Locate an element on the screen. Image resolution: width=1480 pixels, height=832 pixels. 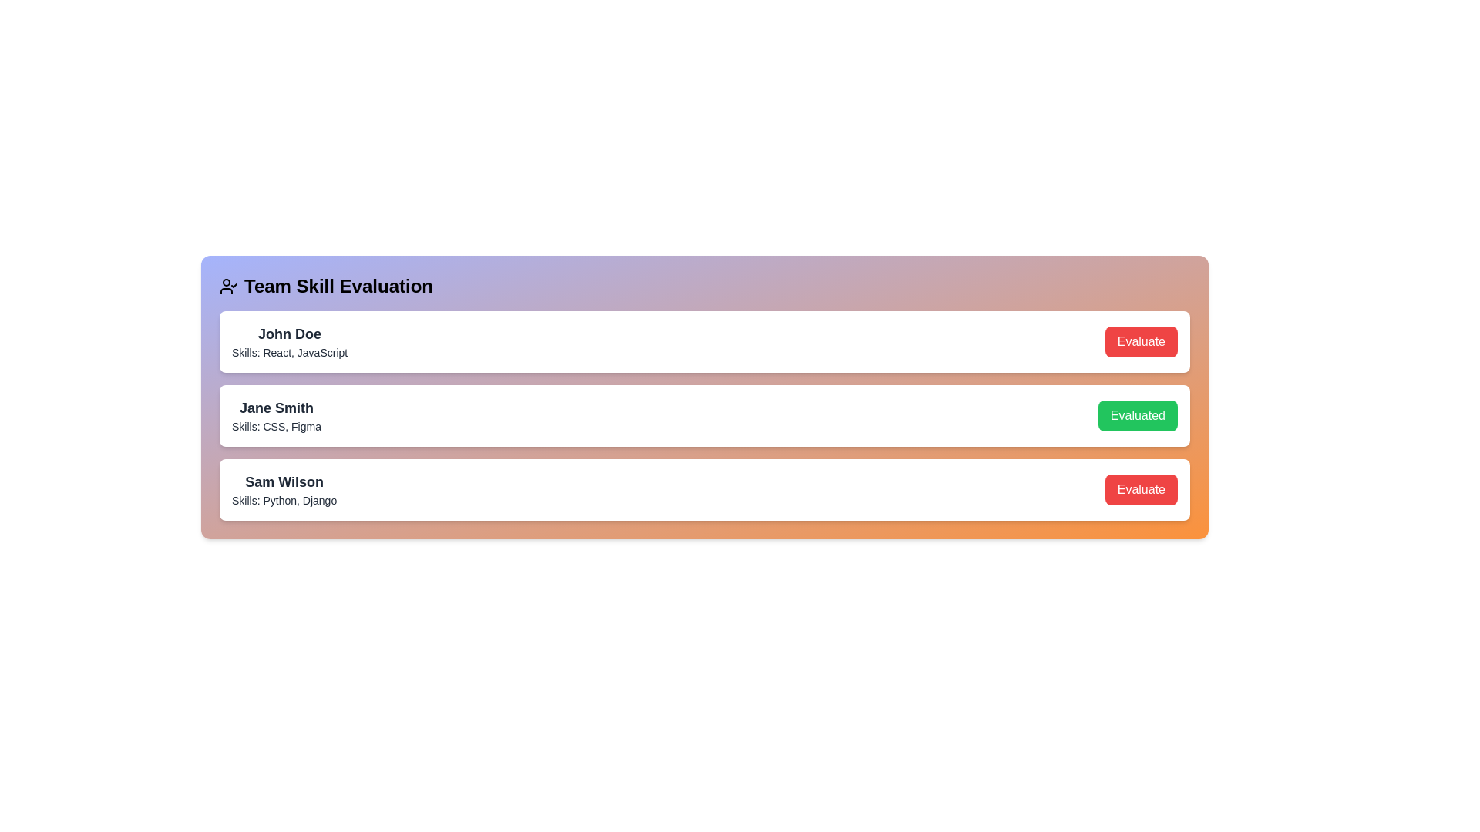
text label that provides information about the skills of the individual 'Sam Wilson', located beneath the name in the third card of the vertical stack is located at coordinates (284, 501).